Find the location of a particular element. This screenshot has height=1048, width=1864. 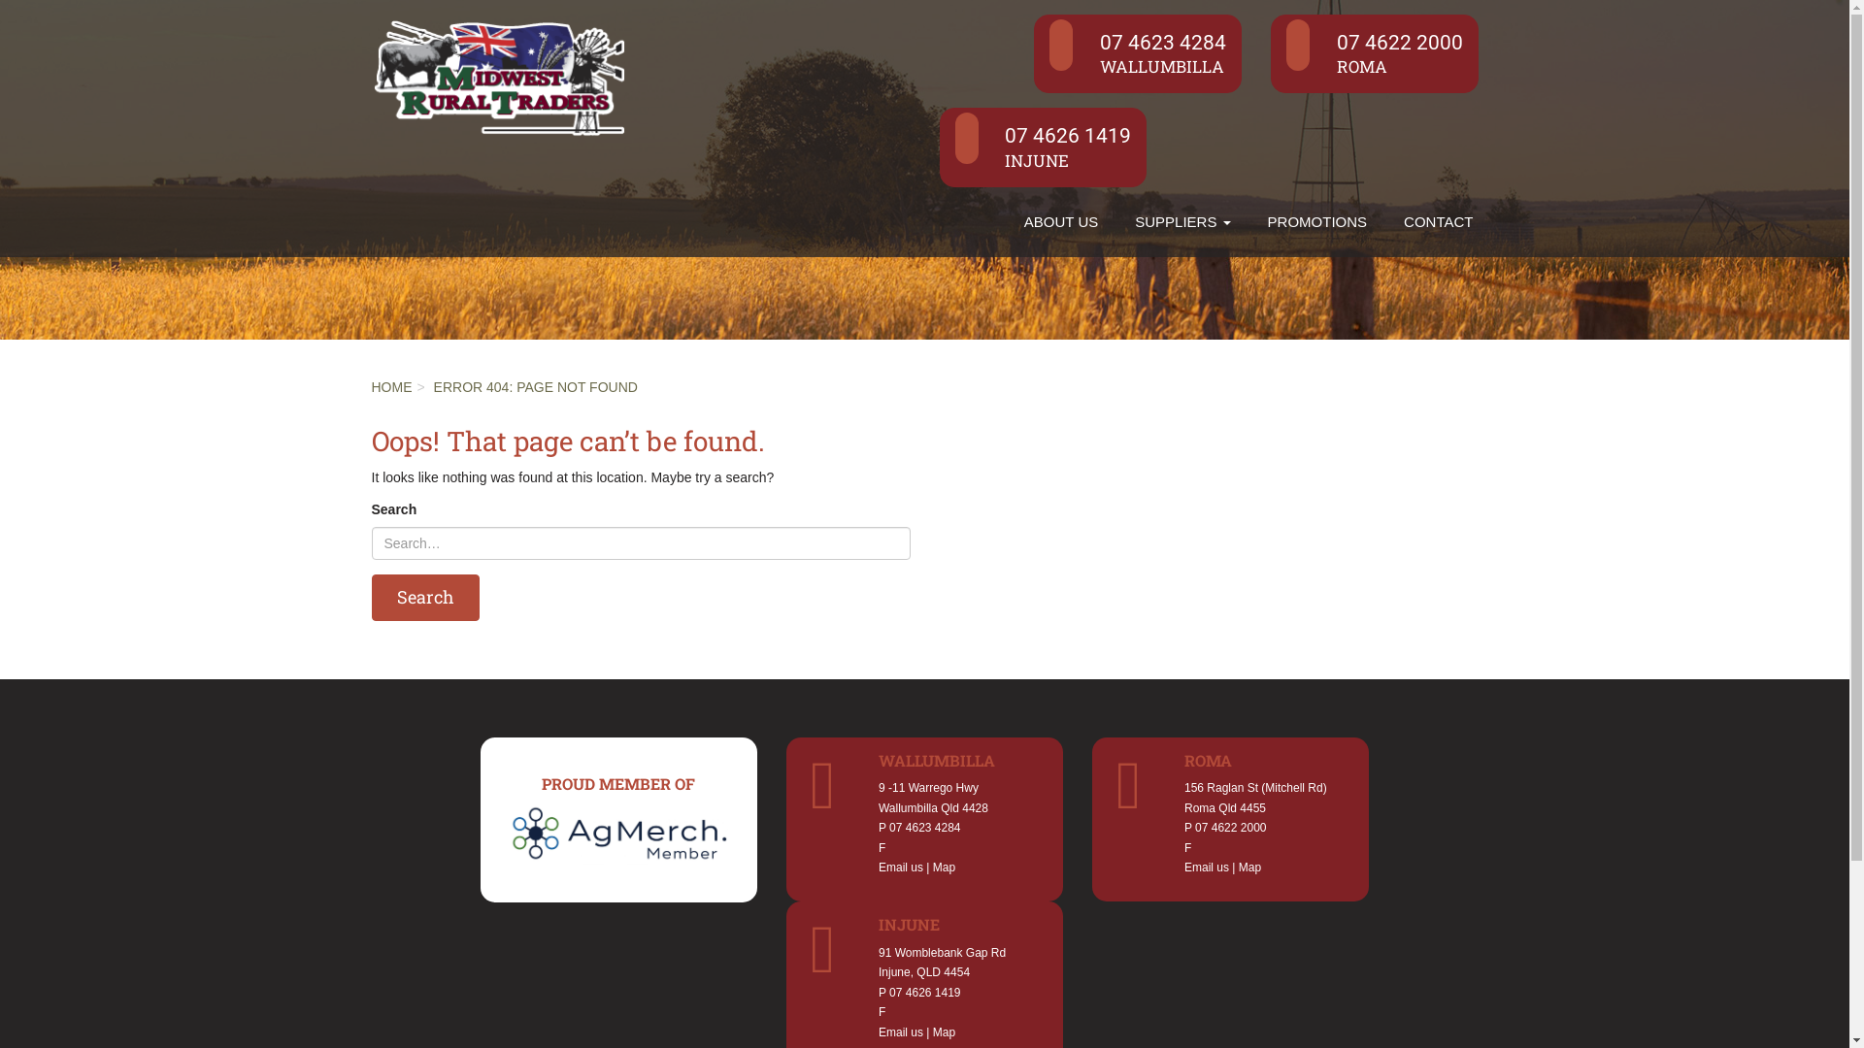

'07 4623 4284 is located at coordinates (1137, 52).